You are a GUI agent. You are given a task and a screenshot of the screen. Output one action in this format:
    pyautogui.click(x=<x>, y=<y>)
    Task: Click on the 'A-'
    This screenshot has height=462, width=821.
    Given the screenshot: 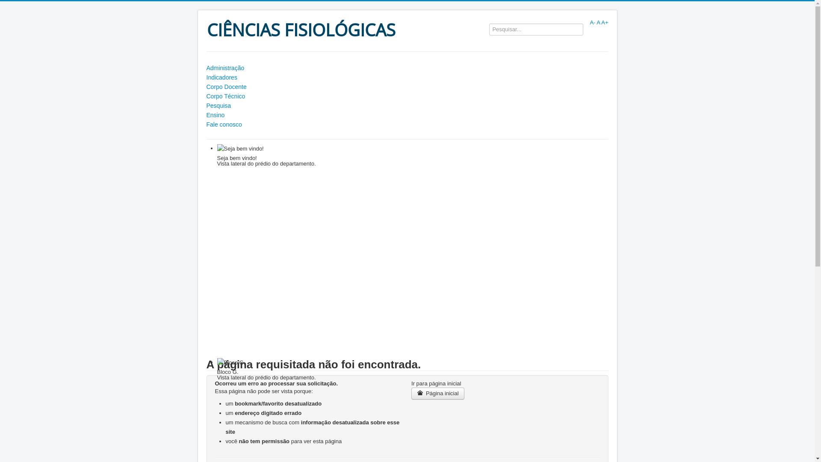 What is the action you would take?
    pyautogui.click(x=592, y=22)
    